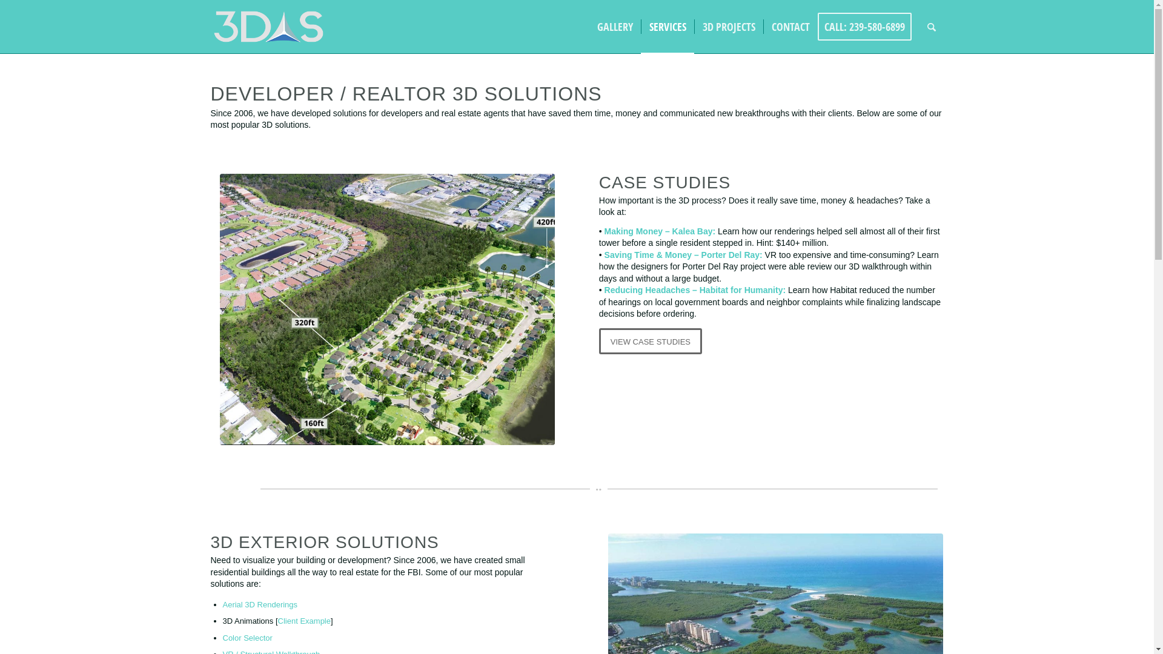 The image size is (1163, 654). I want to click on 'CALL: 239-580-6899', so click(868, 26).